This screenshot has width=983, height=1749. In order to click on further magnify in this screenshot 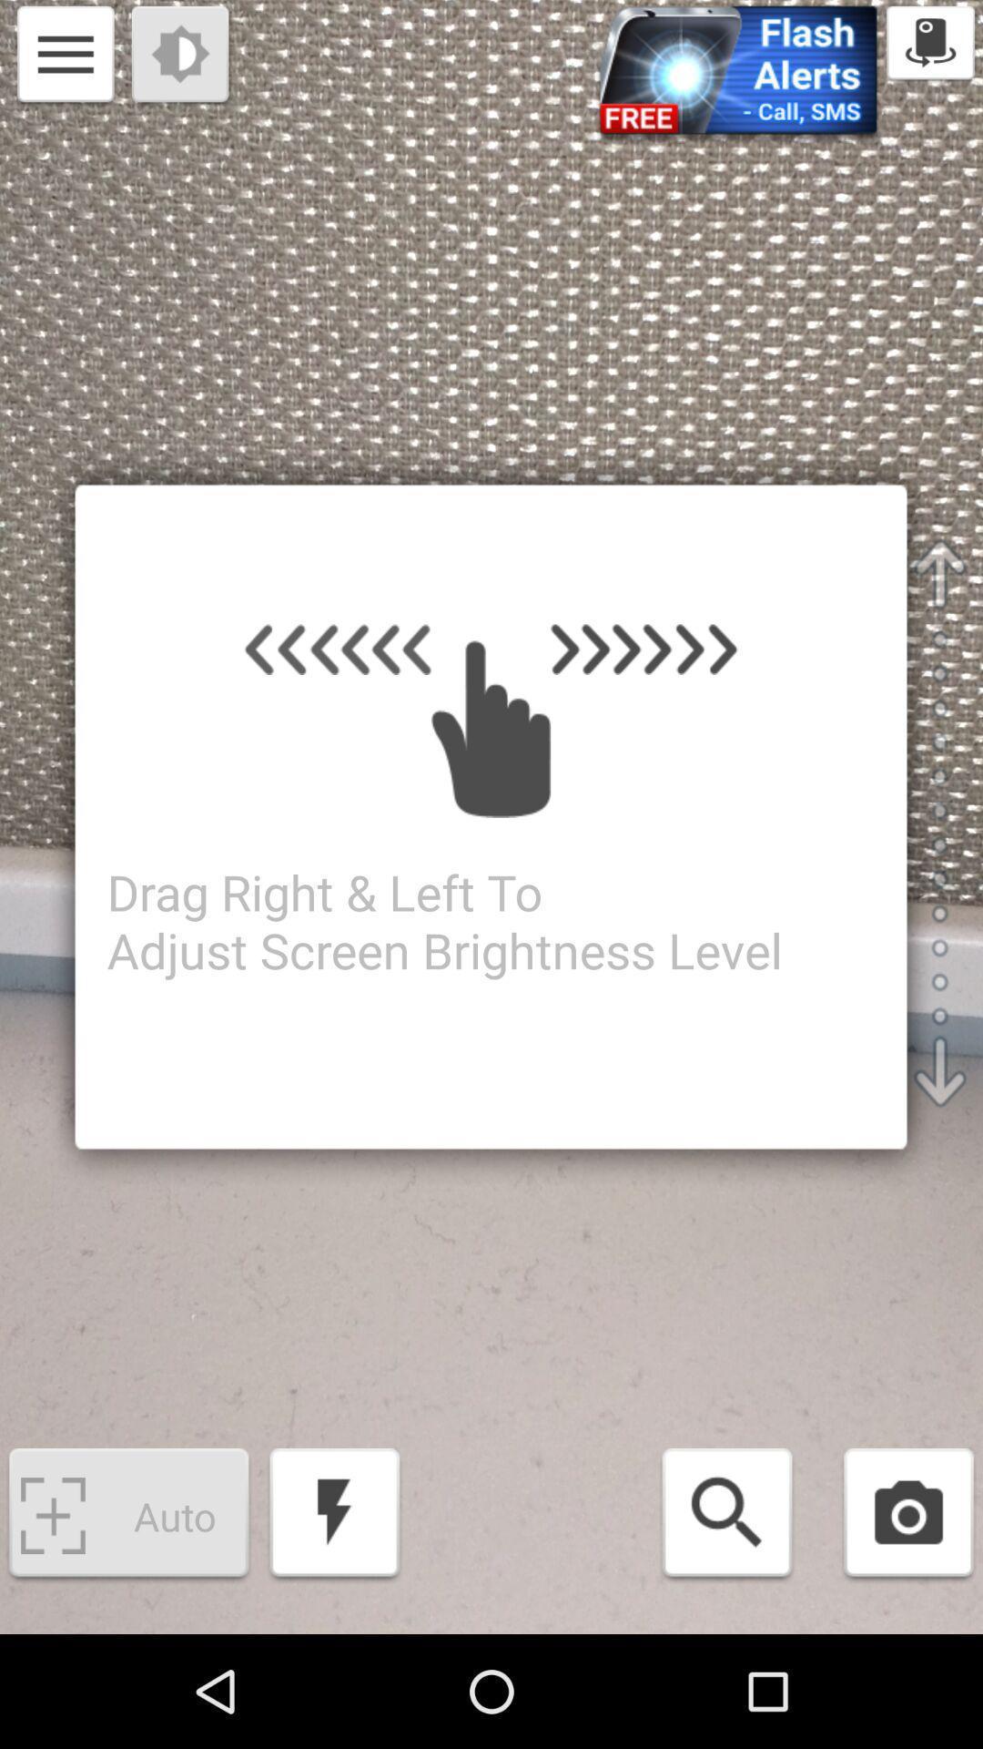, I will do `click(726, 1516)`.